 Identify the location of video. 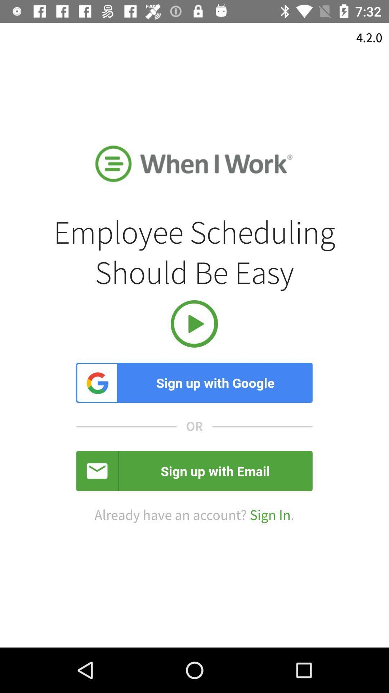
(194, 323).